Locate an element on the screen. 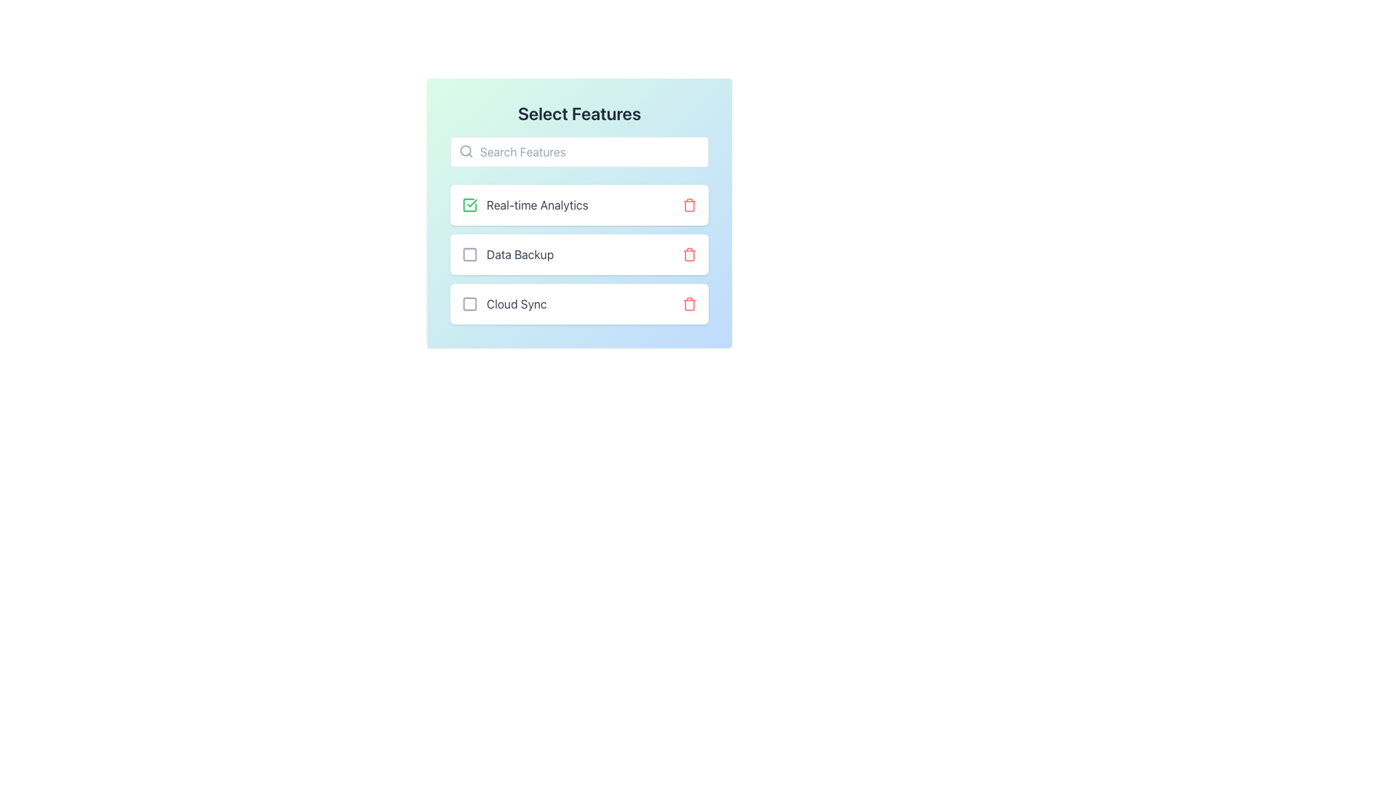  the 'Real-time Analytics' text label, which is styled in gray and located to the right of a green checkmark icon in the feature selection interface is located at coordinates (536, 205).